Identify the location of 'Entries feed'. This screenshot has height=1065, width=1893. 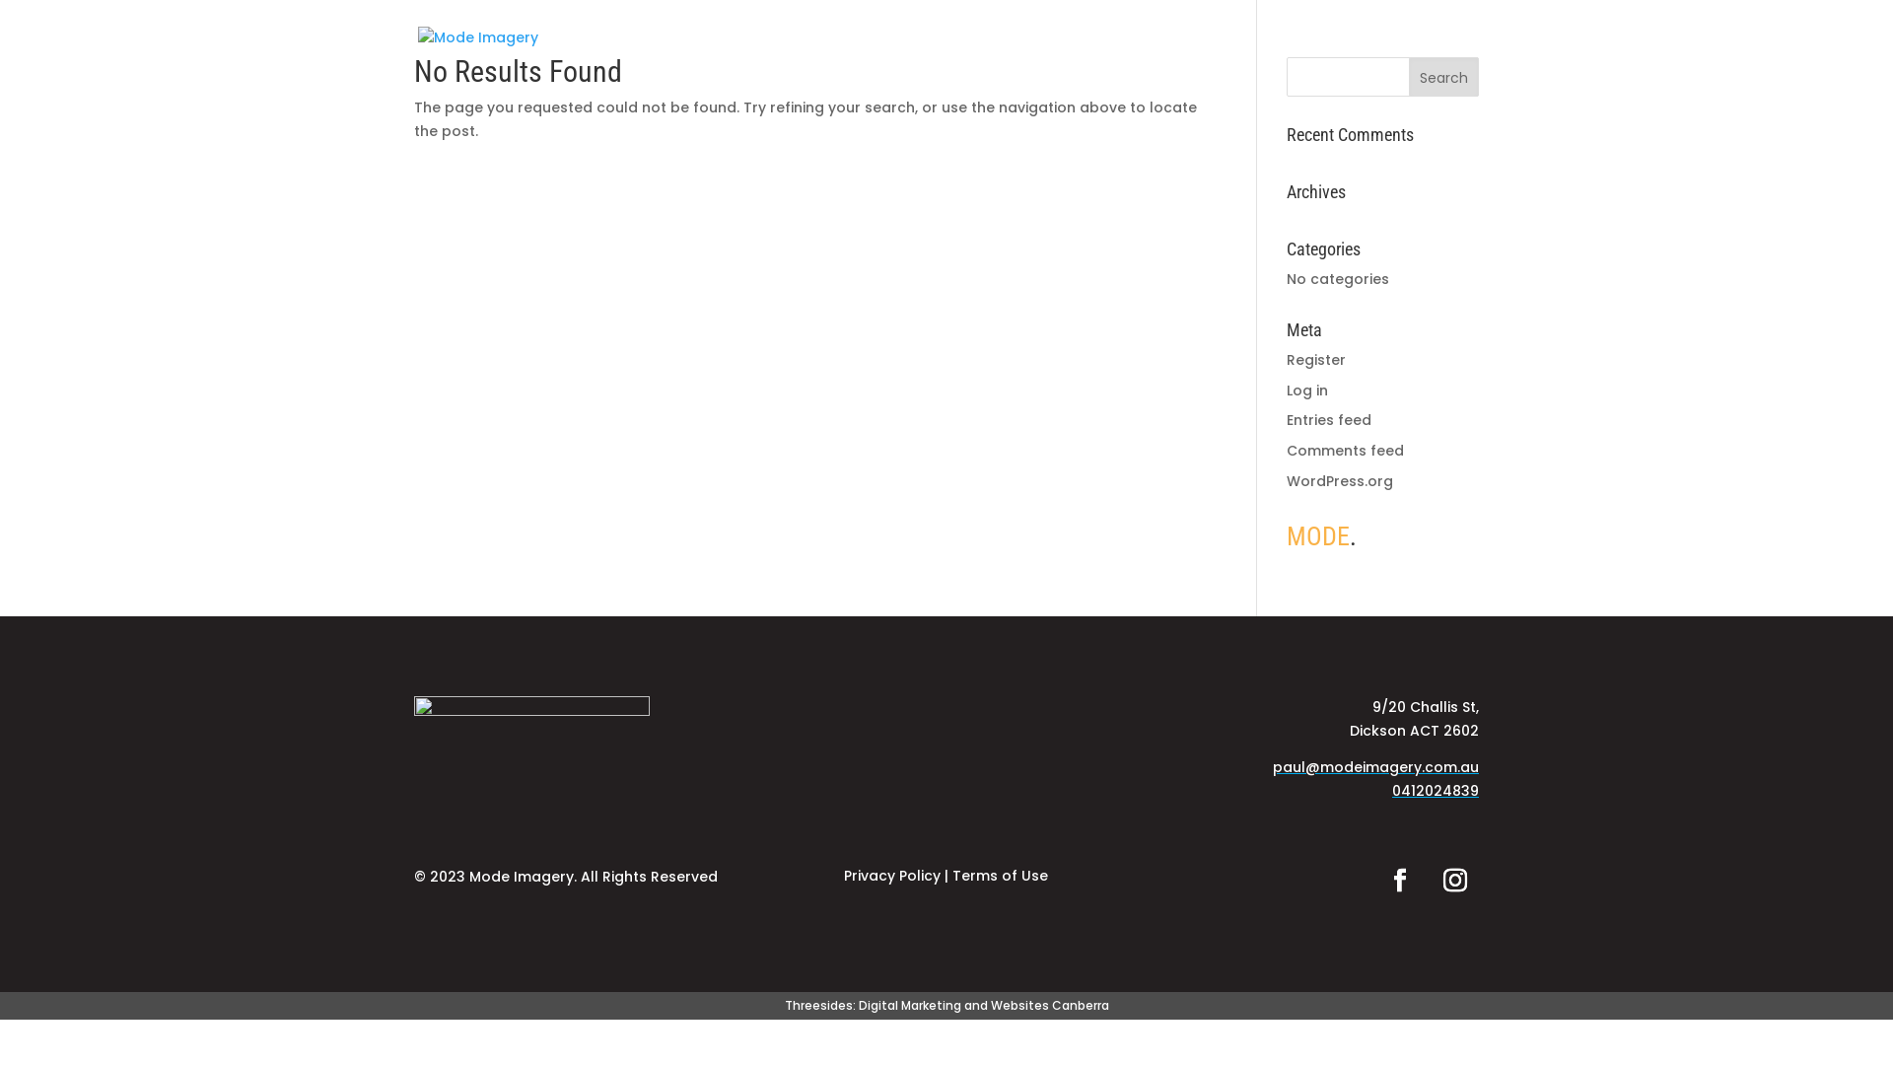
(1329, 418).